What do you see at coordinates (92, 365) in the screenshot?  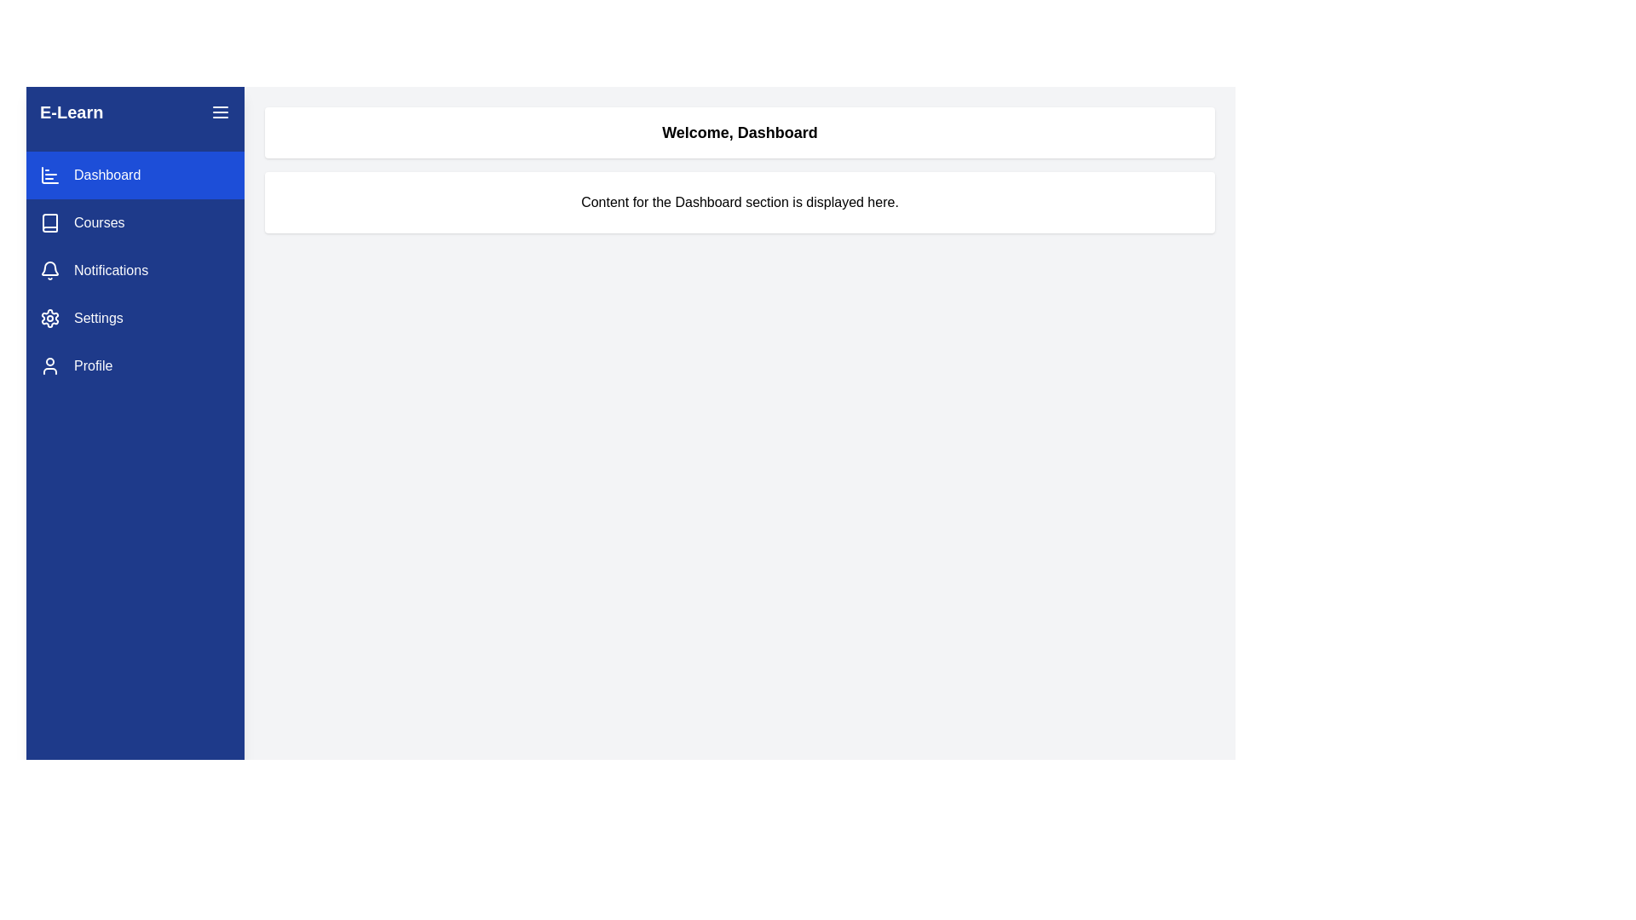 I see `the 'Profile' text label styled in white font against a blue background in the vertical navigation menu on the left side of the interface` at bounding box center [92, 365].